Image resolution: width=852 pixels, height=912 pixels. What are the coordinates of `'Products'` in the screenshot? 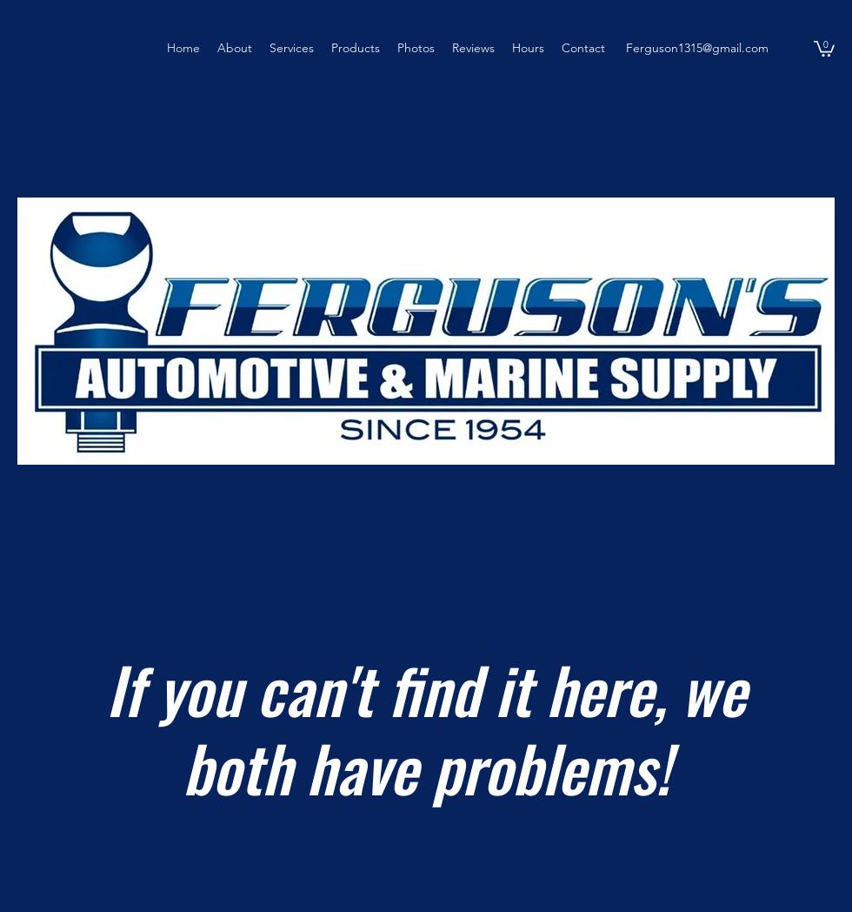 It's located at (355, 48).